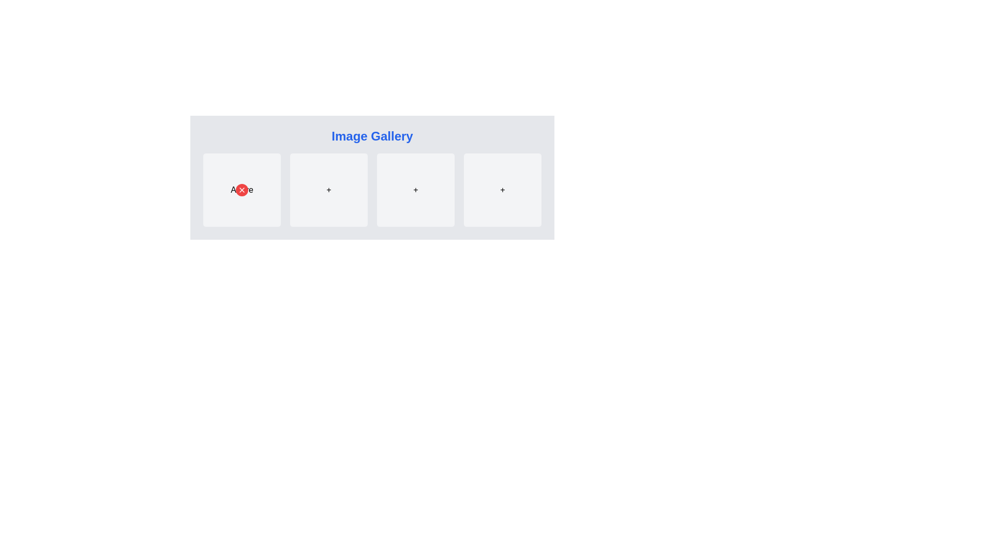 The height and width of the screenshot is (558, 993). I want to click on the square-shaped button with a plus sign symbol, located in a grid layout immediately to the right of the 'Active' element, so click(328, 190).